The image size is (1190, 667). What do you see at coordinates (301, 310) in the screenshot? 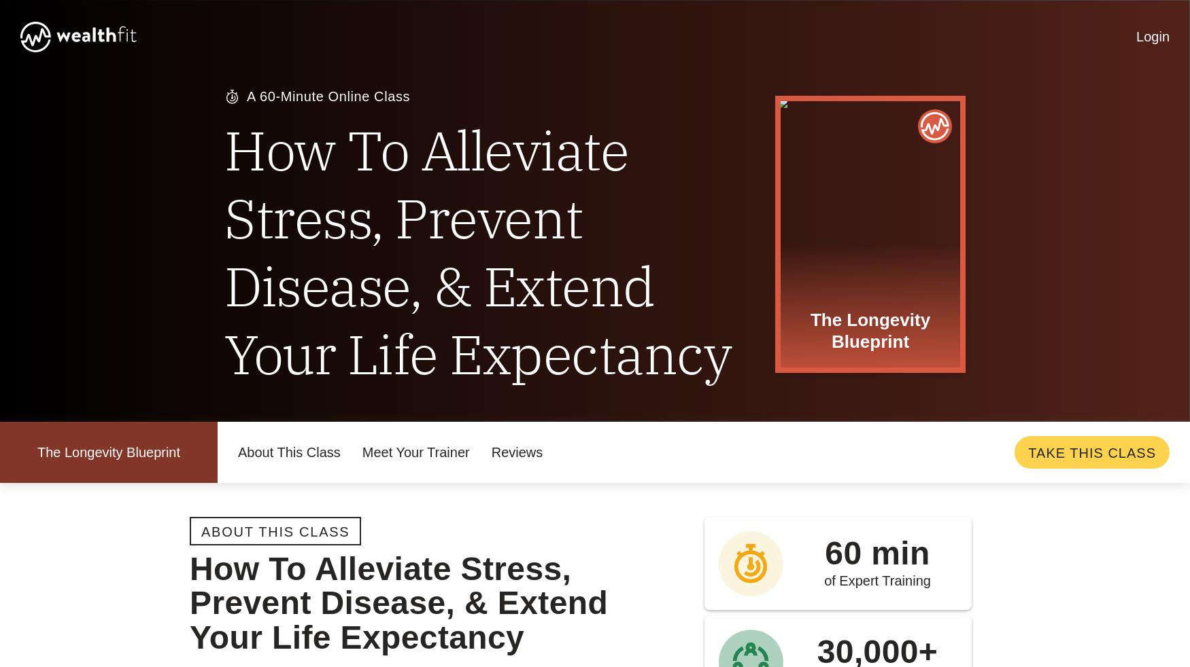
I see `'Do you have a satisfaction guarantee?'` at bounding box center [301, 310].